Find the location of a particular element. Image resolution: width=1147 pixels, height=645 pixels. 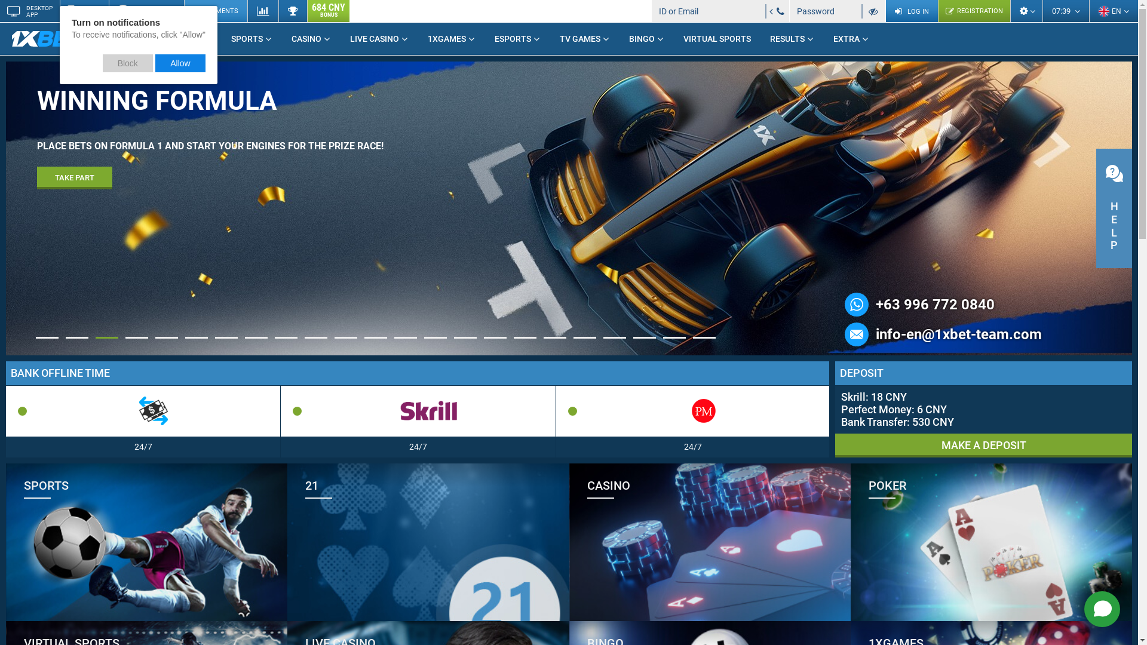

'LIVE CASINO' is located at coordinates (378, 38).